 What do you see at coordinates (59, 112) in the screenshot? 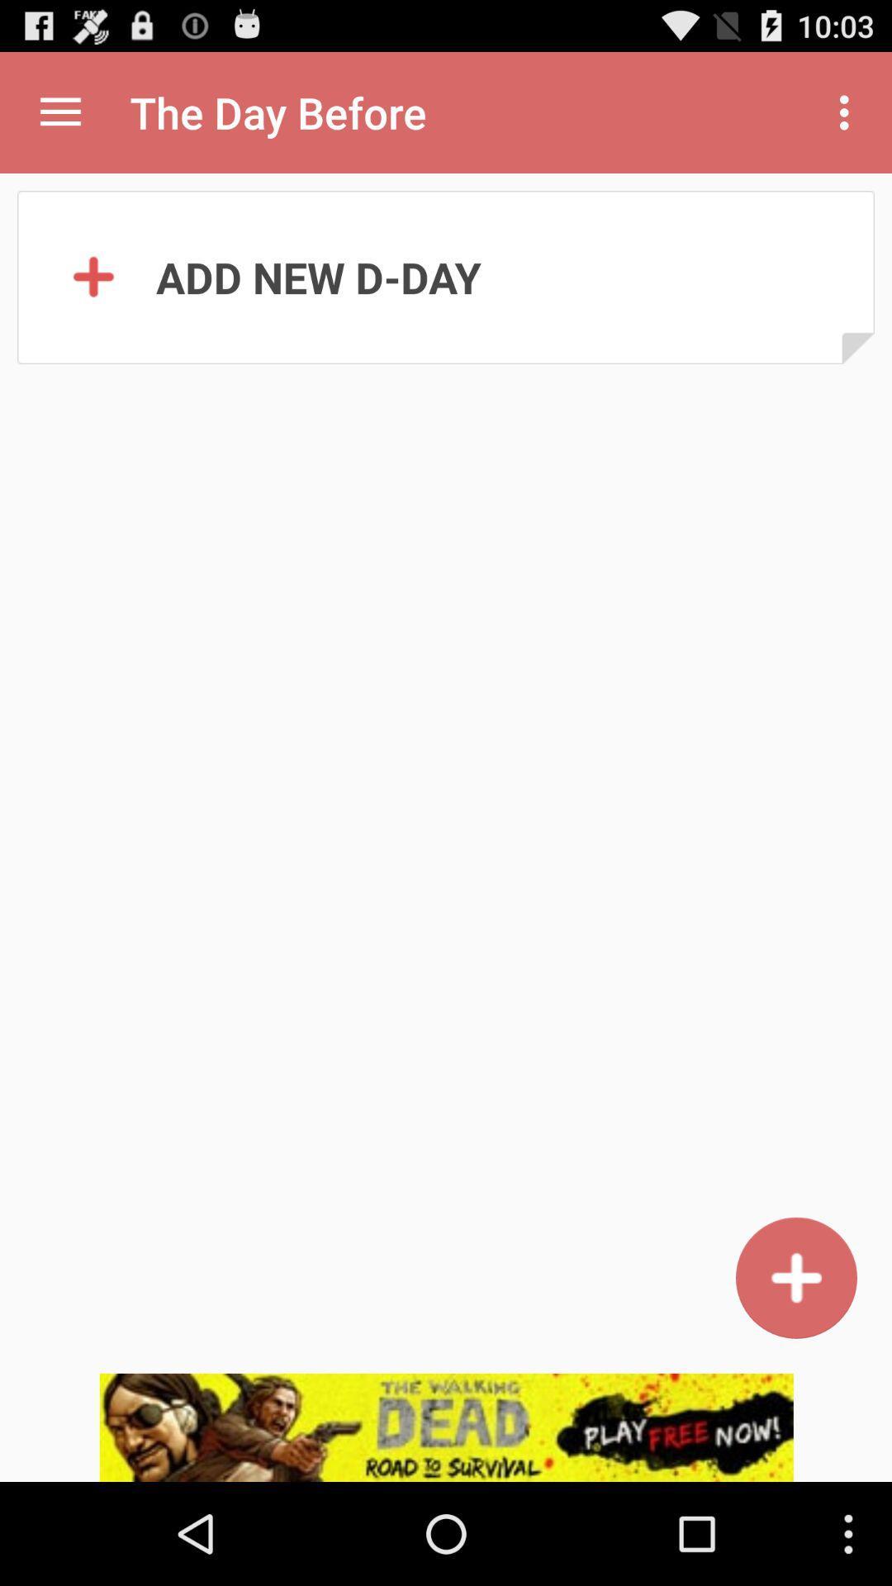
I see `menu options` at bounding box center [59, 112].